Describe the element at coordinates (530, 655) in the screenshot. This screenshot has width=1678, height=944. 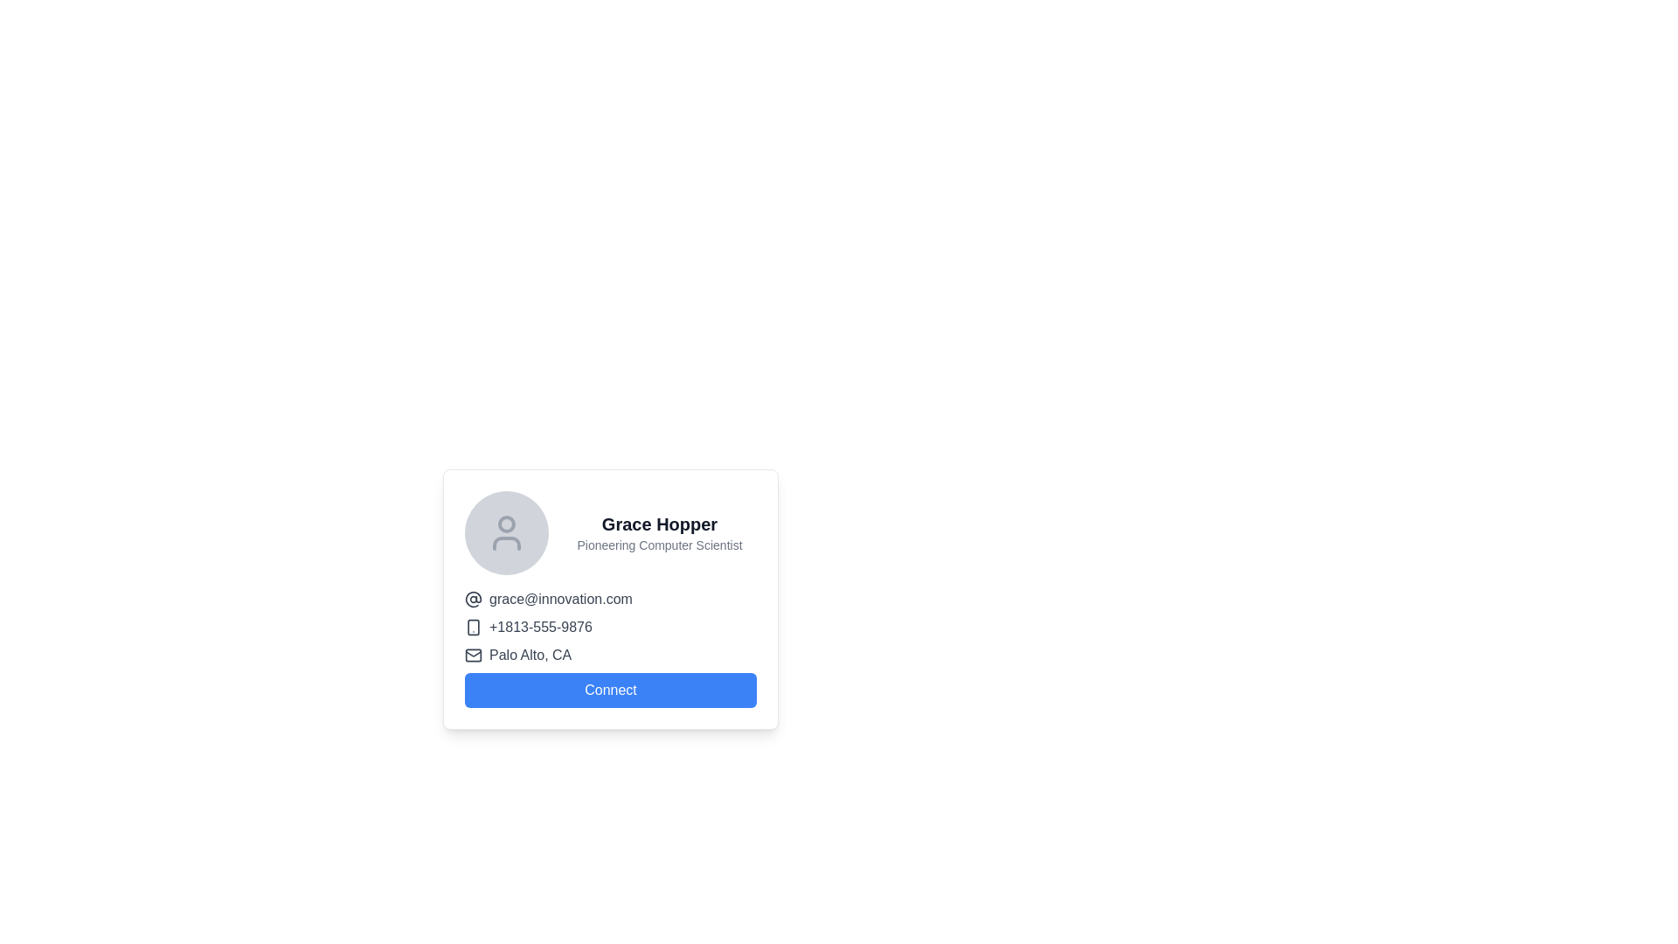
I see `the text label displaying 'Palo Alto, CA' located in the bottom section of the profile contact card, which is centered horizontally and adjacent to a mail icon` at that location.